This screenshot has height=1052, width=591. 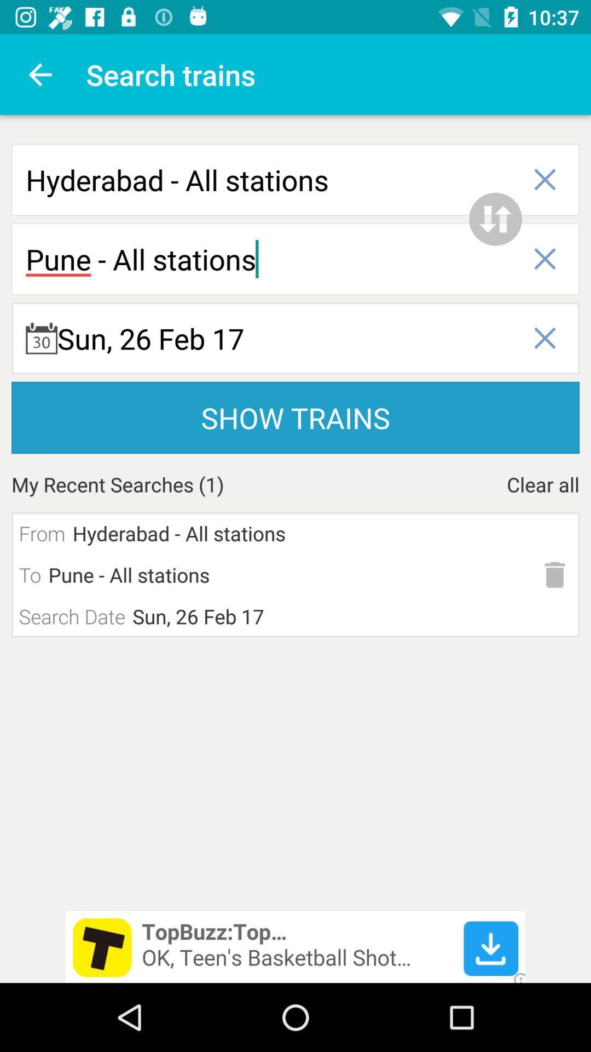 What do you see at coordinates (555, 574) in the screenshot?
I see `delete` at bounding box center [555, 574].